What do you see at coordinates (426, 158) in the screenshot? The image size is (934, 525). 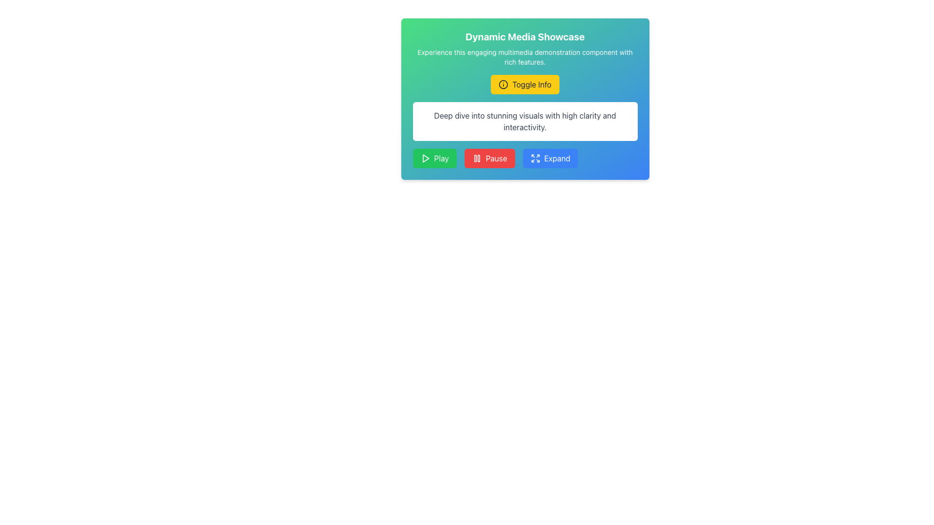 I see `the 'play' icon located within the green 'Play' button at the bottom left of the interface to initiate playback` at bounding box center [426, 158].